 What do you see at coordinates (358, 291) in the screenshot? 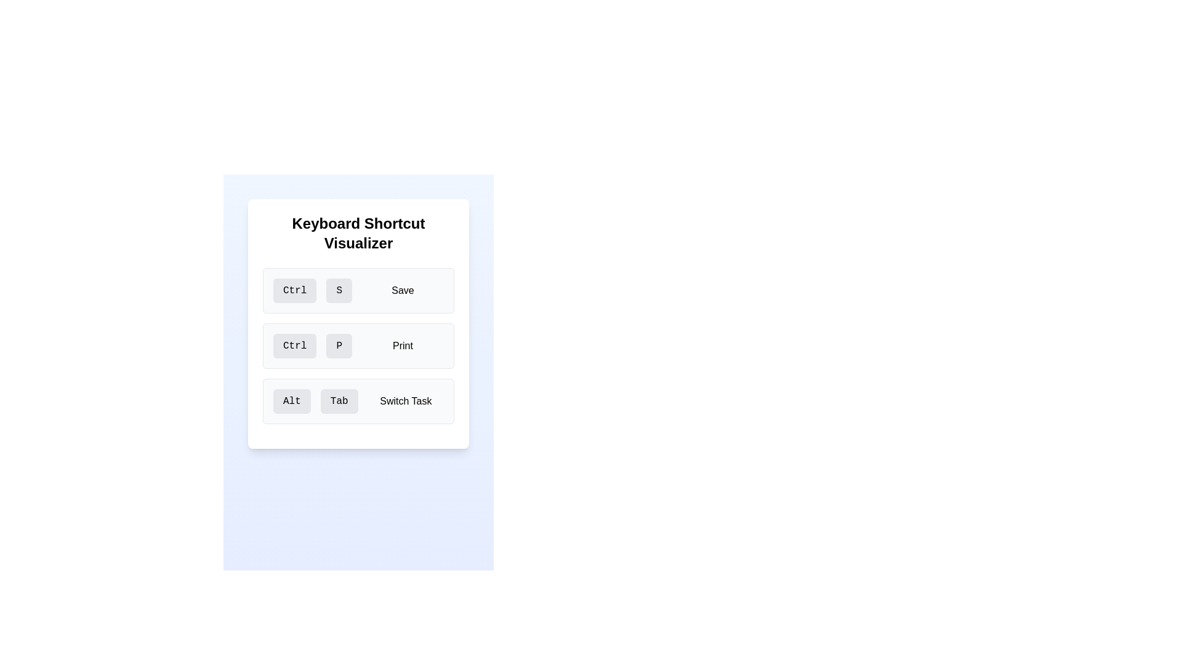
I see `the visual representation of the keyboard shortcut 'Ctrl + S', which is located below the title 'Keyboard Shortcut Visualizer' and above the 'Ctrl P Print' element` at bounding box center [358, 291].